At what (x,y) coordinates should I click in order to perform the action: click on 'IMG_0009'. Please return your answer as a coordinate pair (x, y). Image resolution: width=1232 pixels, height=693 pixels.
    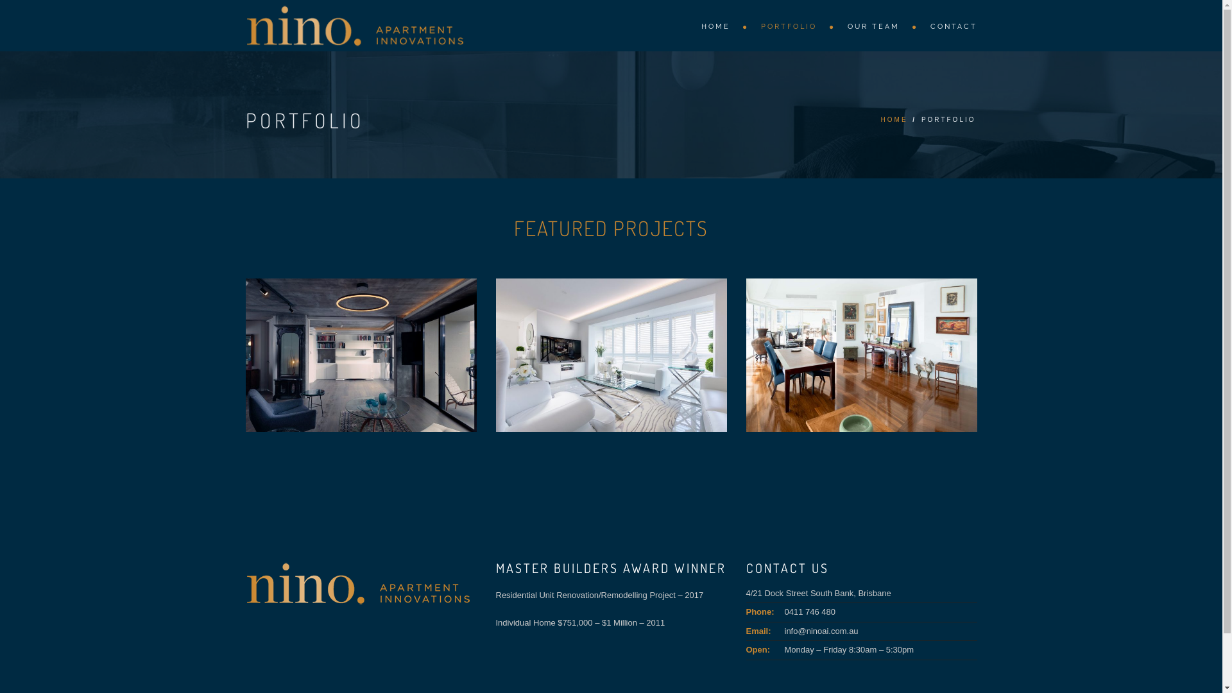
    Looking at the image, I should click on (359, 355).